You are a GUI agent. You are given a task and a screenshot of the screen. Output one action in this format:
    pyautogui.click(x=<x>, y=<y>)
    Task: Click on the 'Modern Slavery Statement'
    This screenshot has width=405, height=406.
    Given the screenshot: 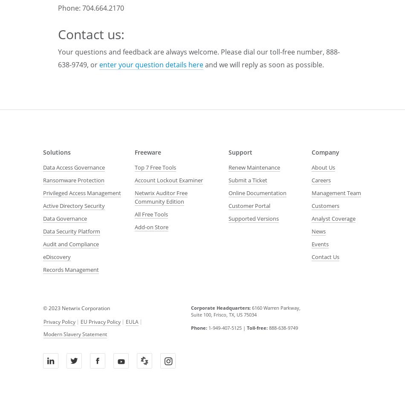 What is the action you would take?
    pyautogui.click(x=75, y=334)
    